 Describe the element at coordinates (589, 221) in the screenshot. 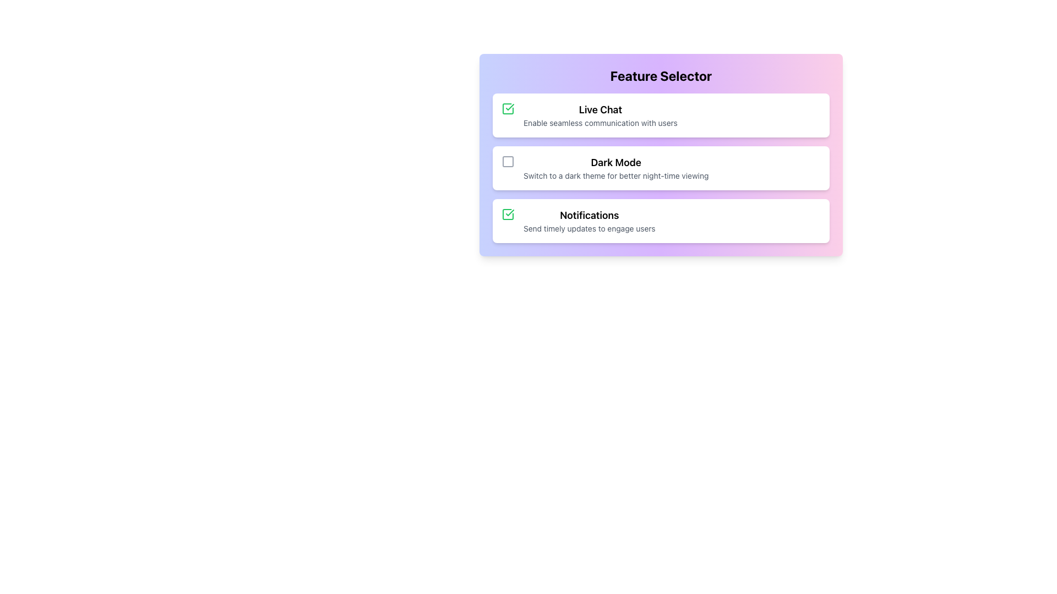

I see `the Descriptive Text Block that labels the 'Notifications' feature, which is the third item in the vertical sequence of options within the 'Feature Selector' list panel` at that location.